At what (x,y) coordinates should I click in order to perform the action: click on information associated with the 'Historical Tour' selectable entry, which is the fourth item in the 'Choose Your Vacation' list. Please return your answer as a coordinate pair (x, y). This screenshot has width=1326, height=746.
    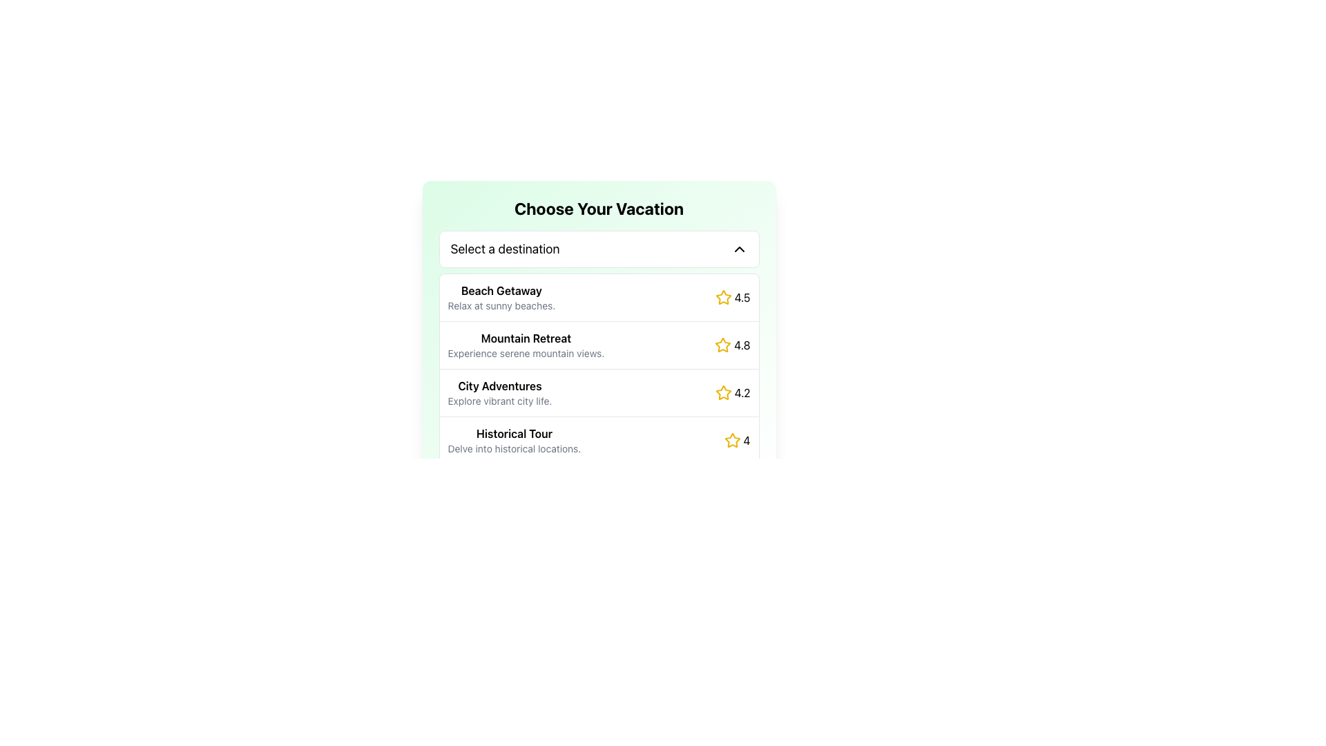
    Looking at the image, I should click on (599, 440).